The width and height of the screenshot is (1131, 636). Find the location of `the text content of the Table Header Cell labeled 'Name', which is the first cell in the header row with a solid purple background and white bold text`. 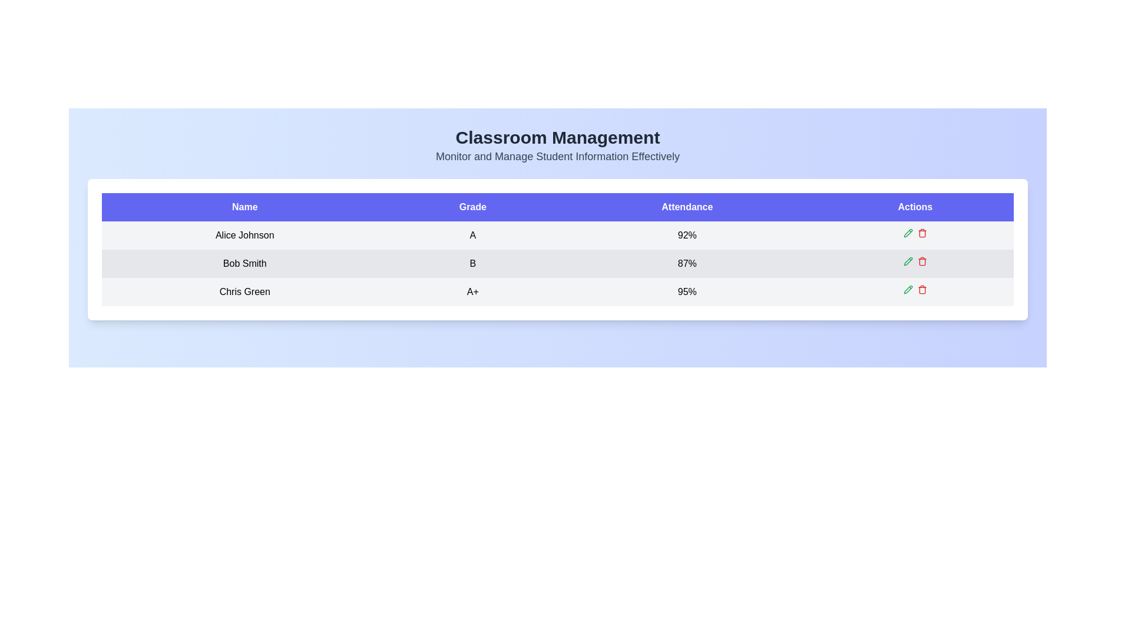

the text content of the Table Header Cell labeled 'Name', which is the first cell in the header row with a solid purple background and white bold text is located at coordinates (244, 206).